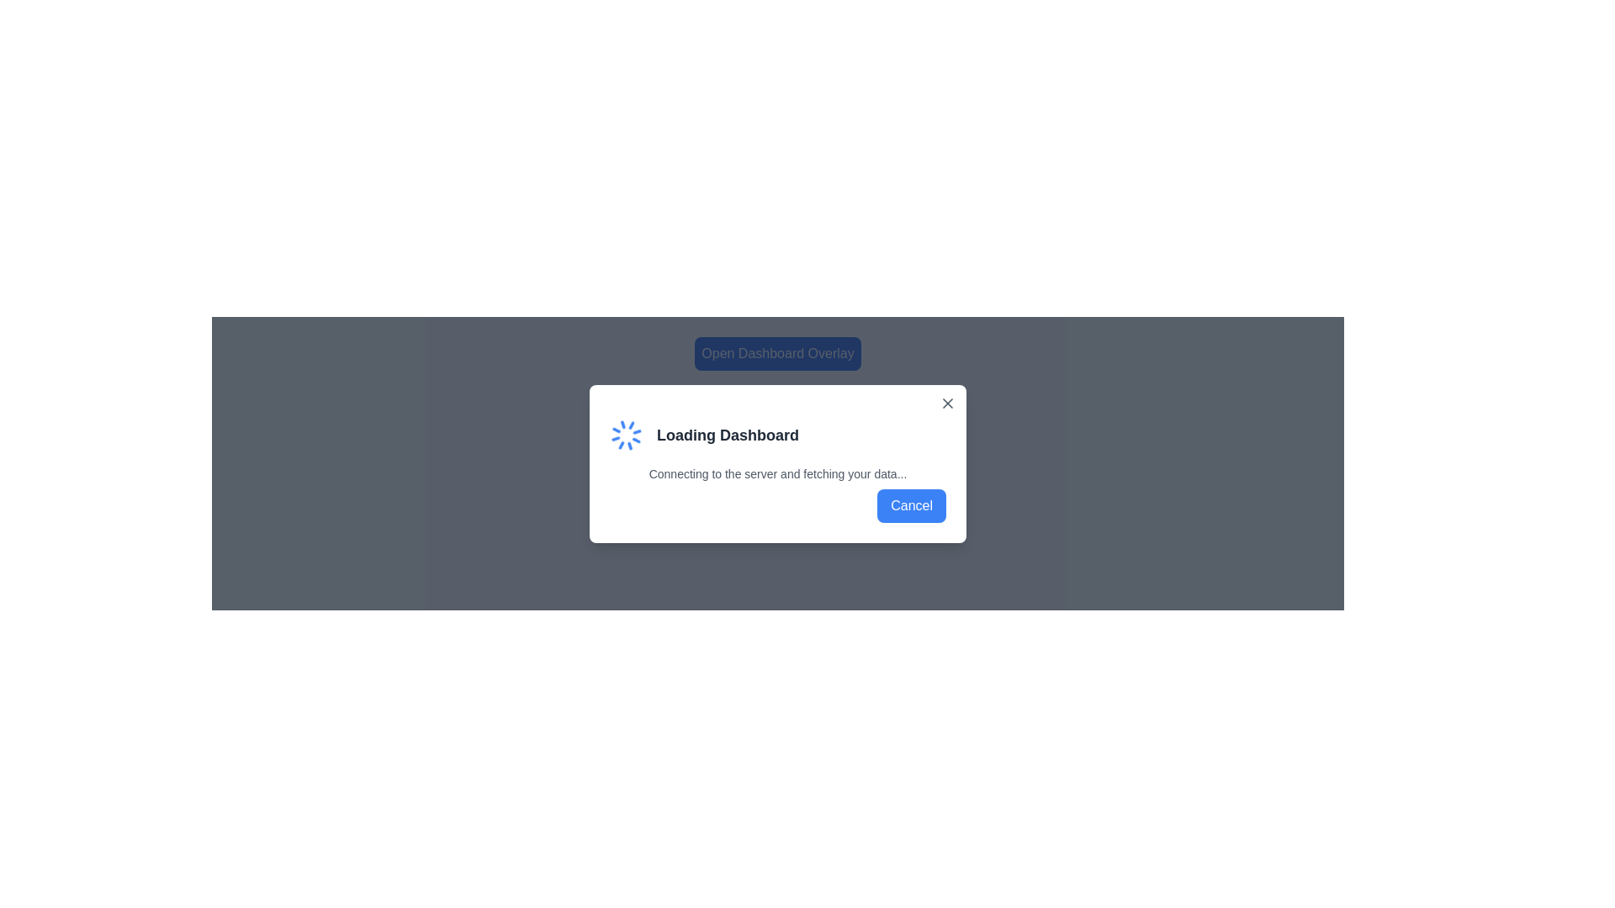 This screenshot has width=1615, height=908. I want to click on the SVG graphic (animated spinner) which serves as a visual loading indicator in the top-left corner of the pop-up modal, so click(625, 434).